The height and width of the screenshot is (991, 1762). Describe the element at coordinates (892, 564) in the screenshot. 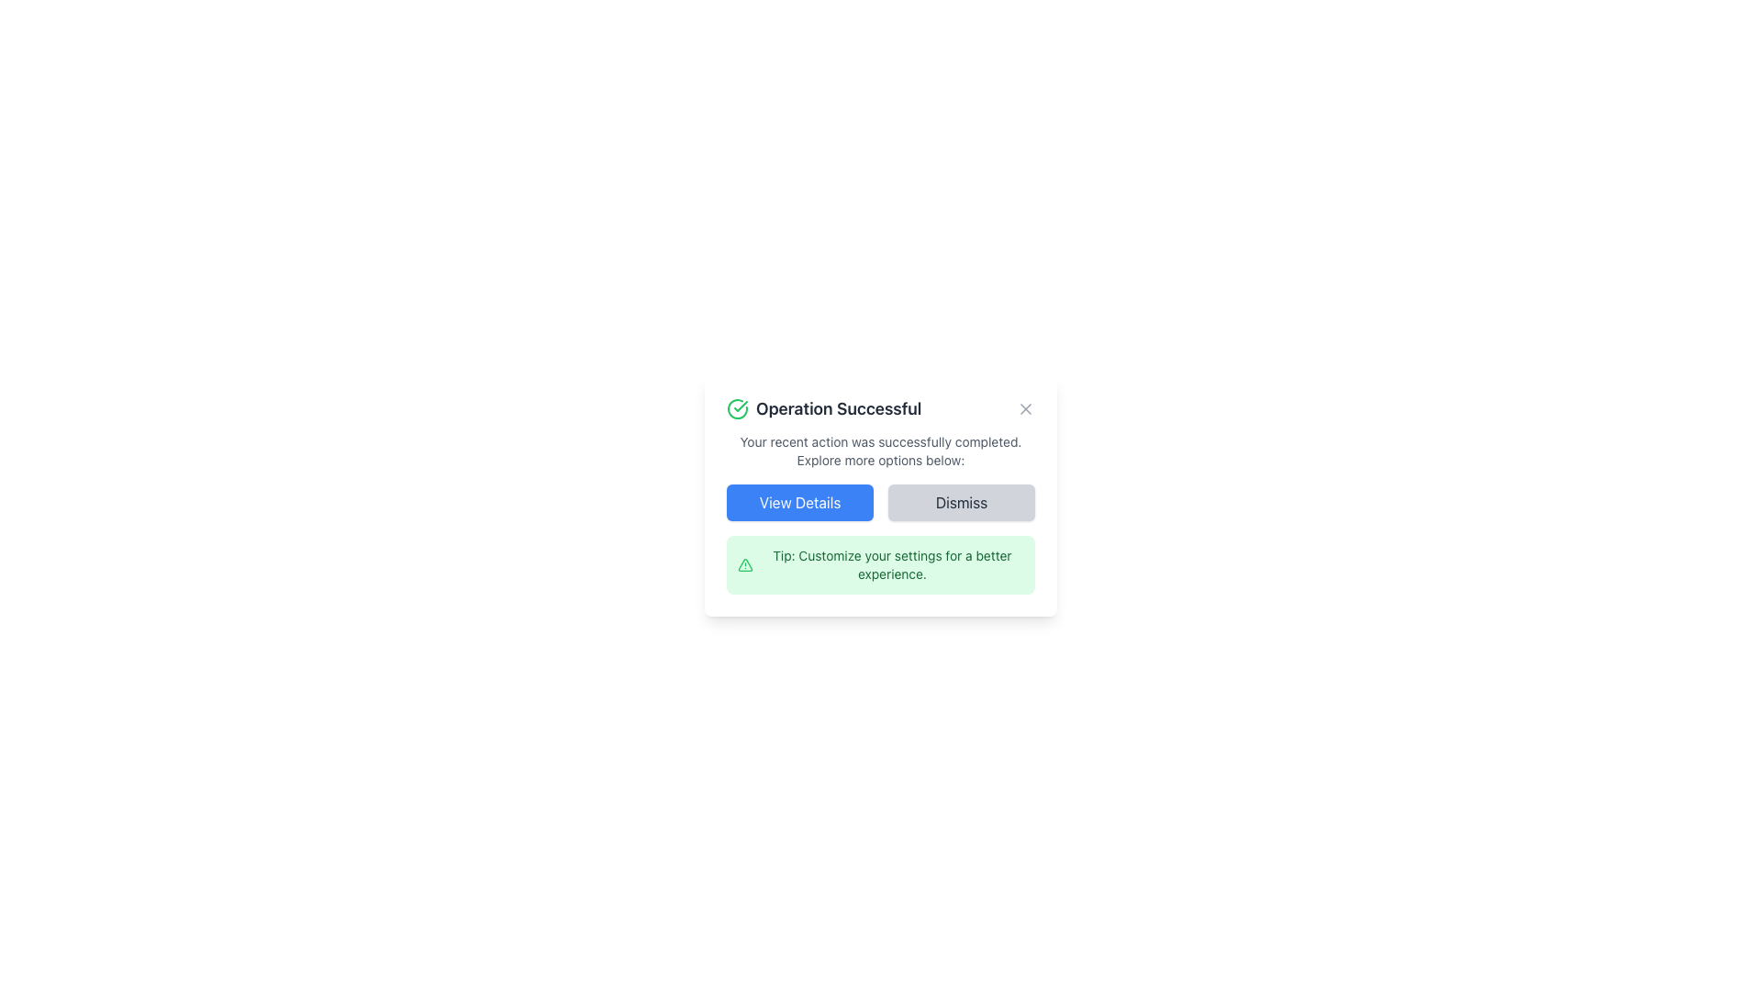

I see `the text label displaying 'Tip: Customize your settings for a better experience.' which is styled with a small font size and a green color, located in a green-highlighted notification box near the center-bottom of the interface` at that location.